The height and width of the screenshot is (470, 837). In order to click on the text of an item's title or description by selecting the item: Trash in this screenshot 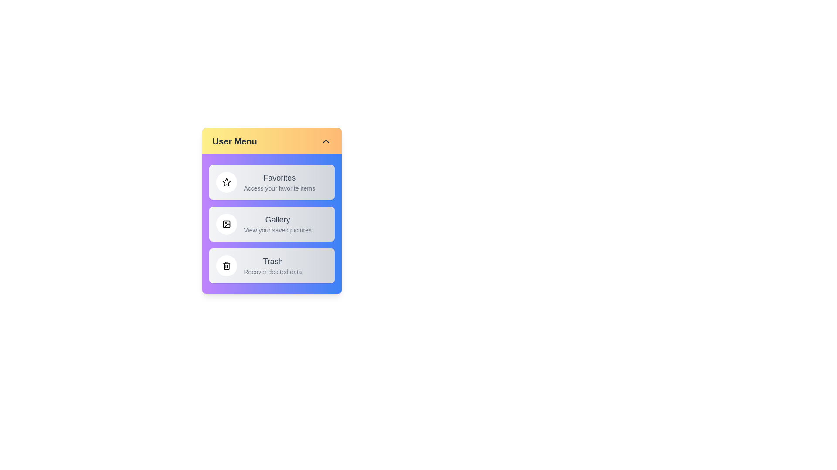, I will do `click(271, 265)`.